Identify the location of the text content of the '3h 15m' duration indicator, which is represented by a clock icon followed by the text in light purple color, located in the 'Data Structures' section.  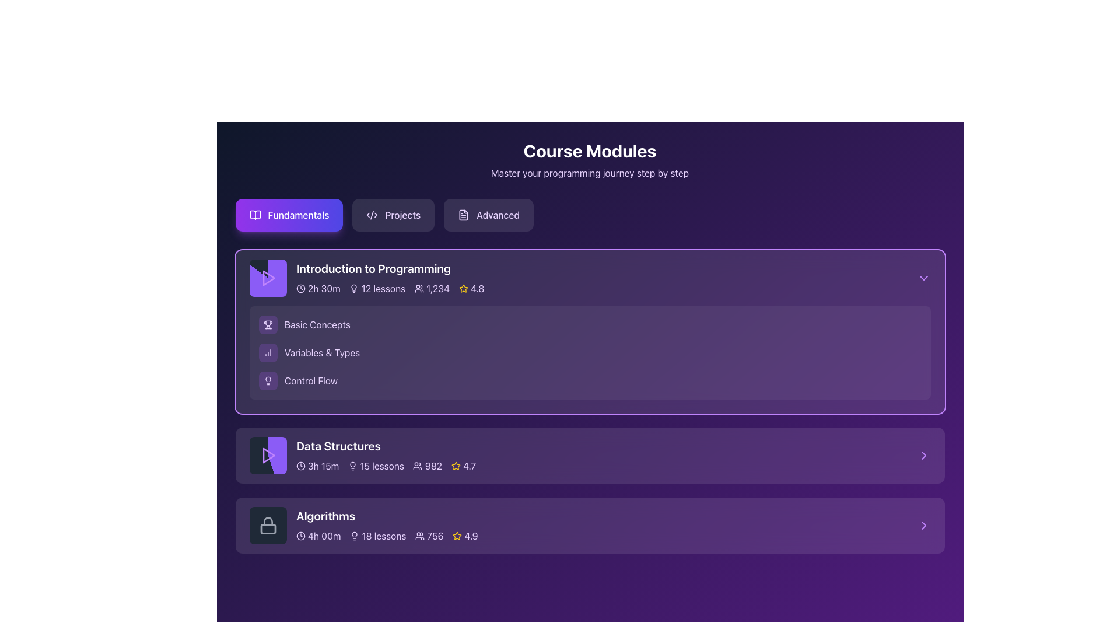
(317, 465).